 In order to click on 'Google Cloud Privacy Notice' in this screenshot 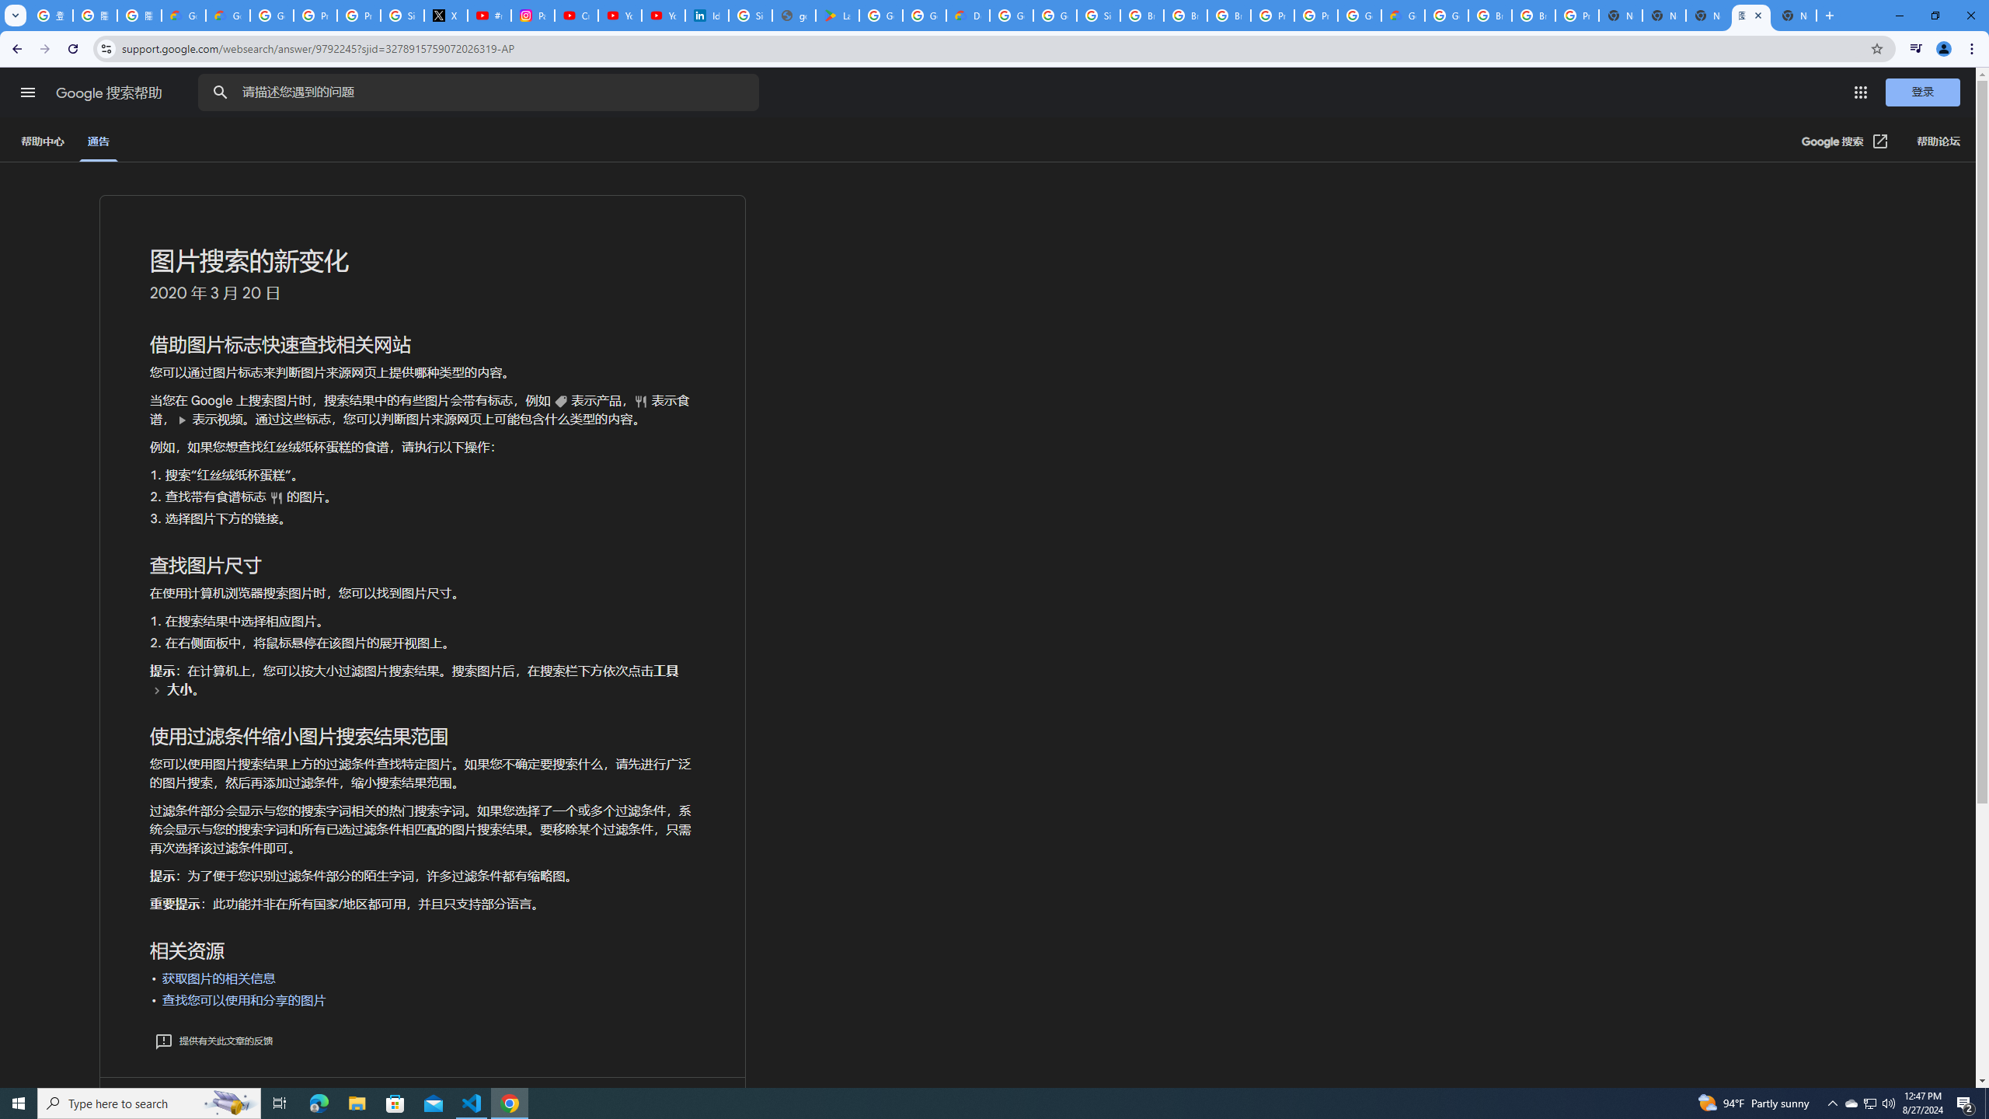, I will do `click(228, 15)`.